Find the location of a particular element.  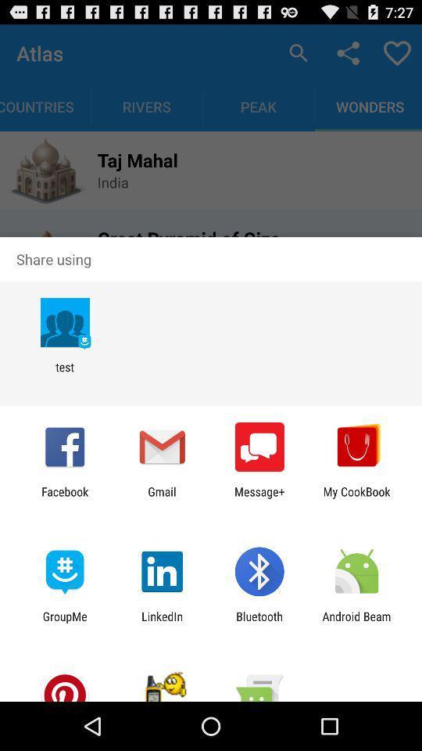

icon next to bluetooth is located at coordinates (161, 623).